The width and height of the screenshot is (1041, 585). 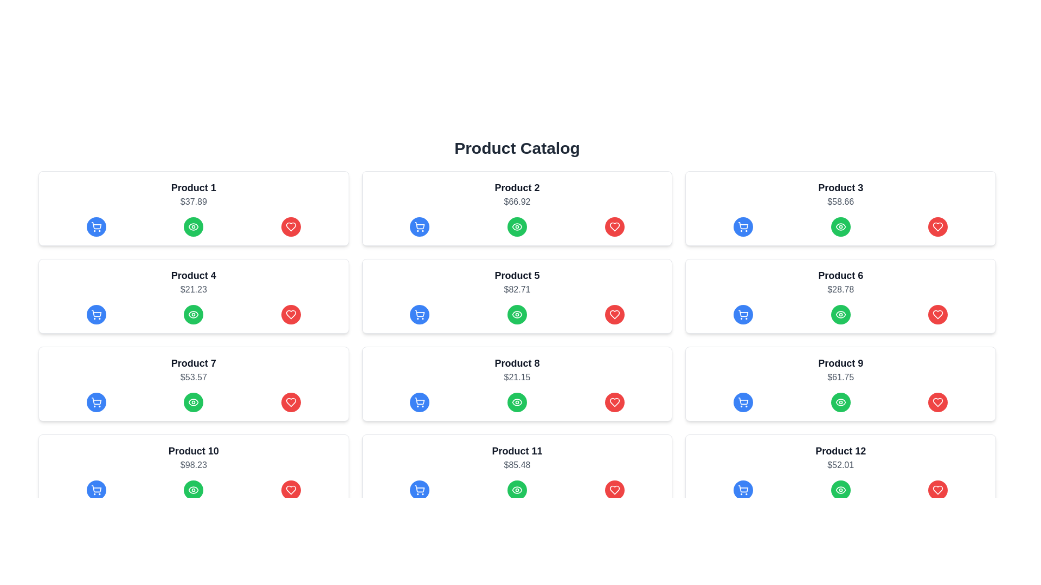 I want to click on the eye icon graphic located under the 'Product 12' card in the product catalog for viewing or preview actions, so click(x=840, y=490).